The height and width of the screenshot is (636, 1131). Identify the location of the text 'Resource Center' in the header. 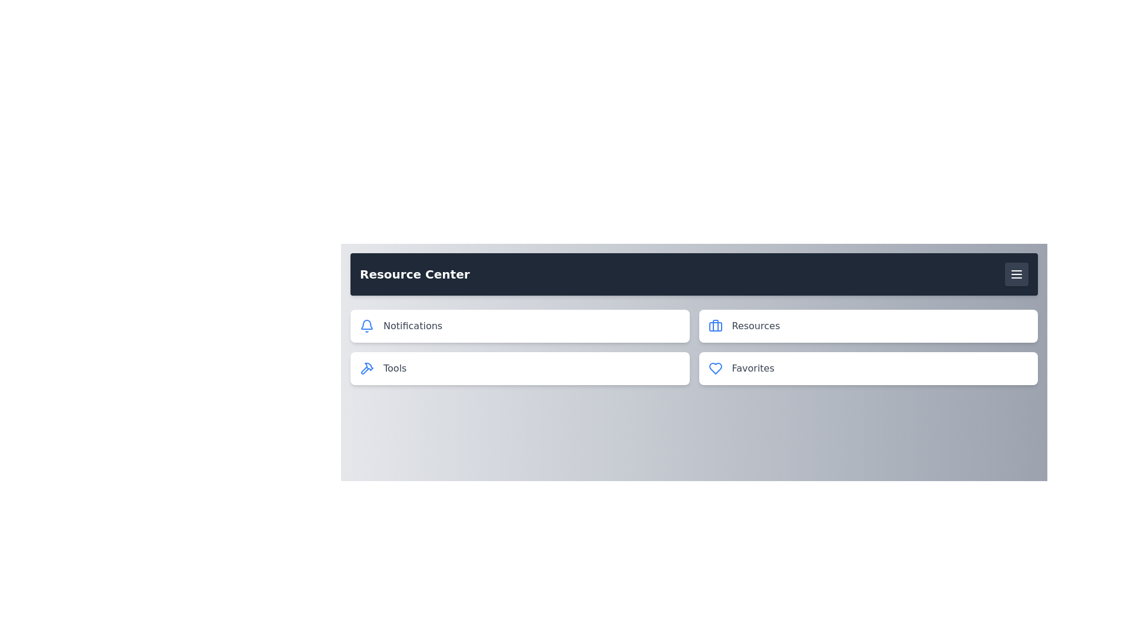
(415, 274).